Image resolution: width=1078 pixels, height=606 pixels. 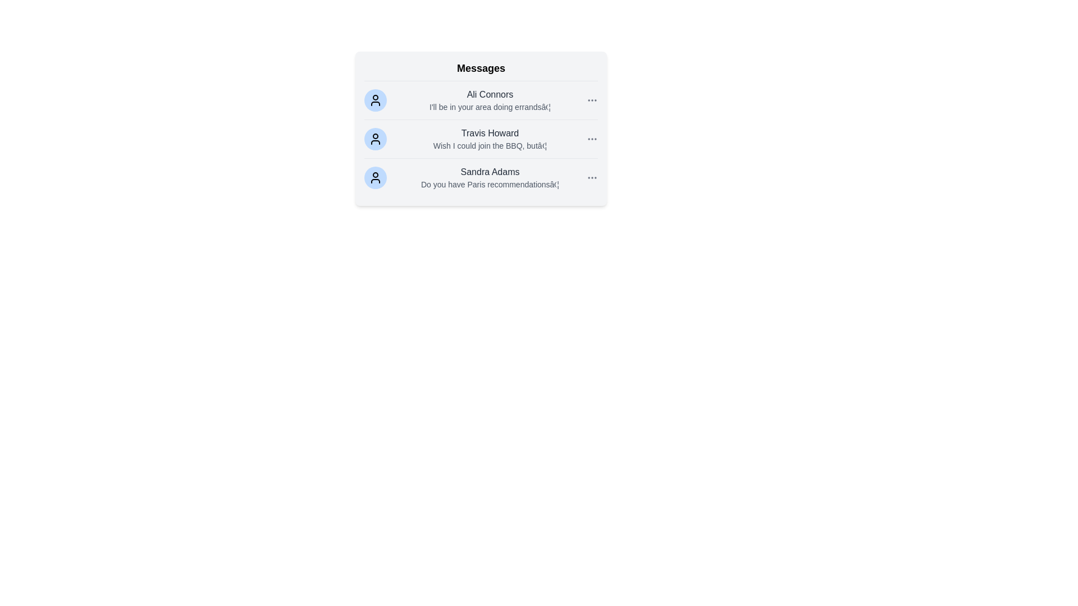 What do you see at coordinates (481, 177) in the screenshot?
I see `the conversation overview list item for 'Sandra Adams'` at bounding box center [481, 177].